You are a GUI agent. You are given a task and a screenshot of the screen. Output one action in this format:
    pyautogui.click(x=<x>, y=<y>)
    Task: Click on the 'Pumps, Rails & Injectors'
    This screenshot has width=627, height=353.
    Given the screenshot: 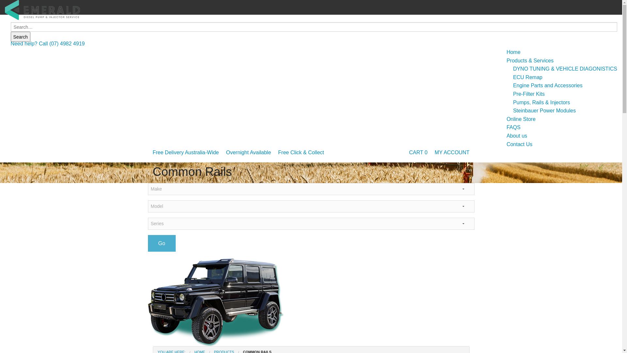 What is the action you would take?
    pyautogui.click(x=541, y=102)
    